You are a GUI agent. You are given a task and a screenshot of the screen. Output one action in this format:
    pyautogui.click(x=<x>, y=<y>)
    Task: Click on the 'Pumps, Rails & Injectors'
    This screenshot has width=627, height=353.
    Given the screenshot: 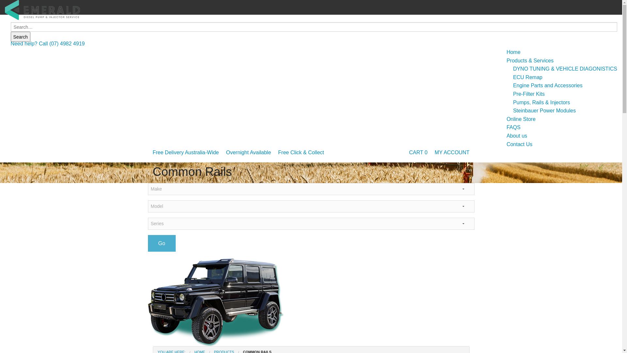 What is the action you would take?
    pyautogui.click(x=541, y=102)
    